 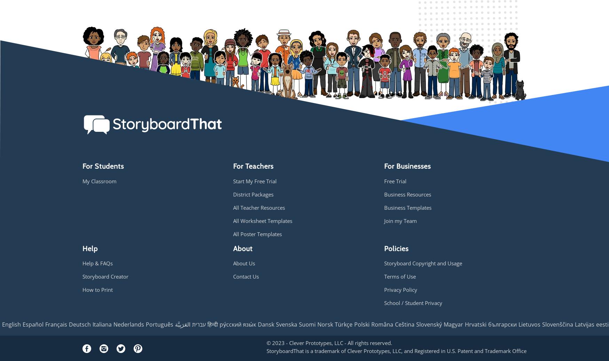 What do you see at coordinates (407, 207) in the screenshot?
I see `'Business Templates'` at bounding box center [407, 207].